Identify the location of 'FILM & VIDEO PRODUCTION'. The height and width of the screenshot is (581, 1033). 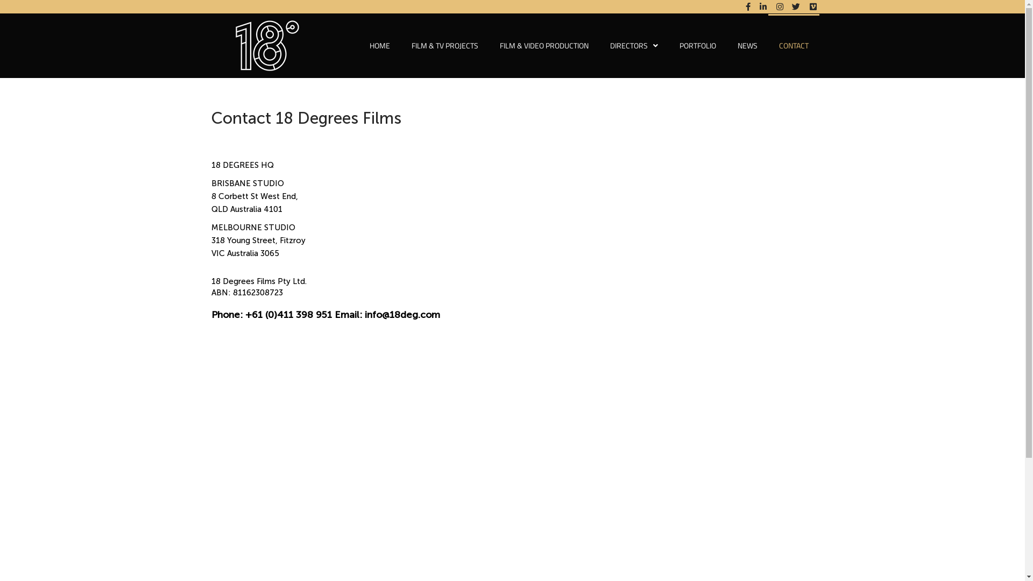
(543, 45).